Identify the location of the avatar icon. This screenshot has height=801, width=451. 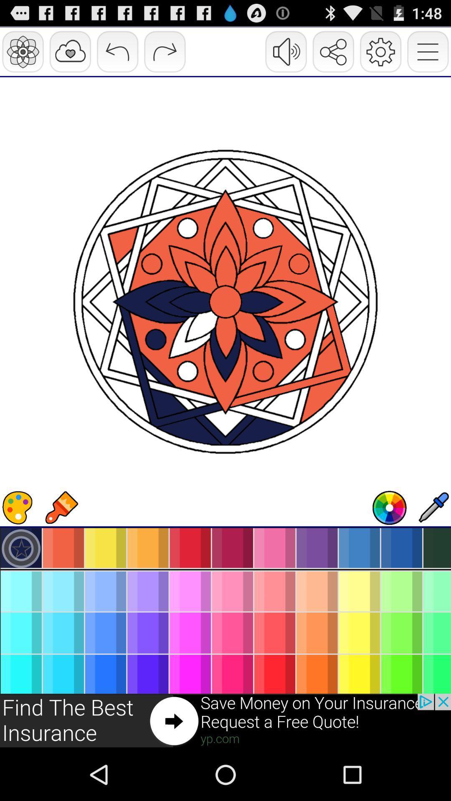
(390, 543).